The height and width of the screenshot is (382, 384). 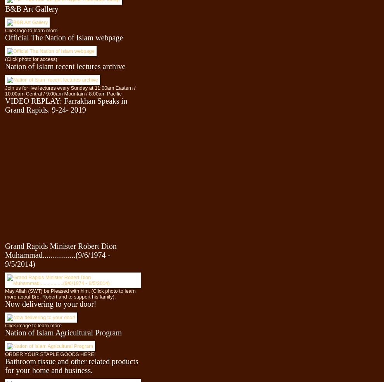 I want to click on '(Click photo for access)', so click(x=31, y=59).